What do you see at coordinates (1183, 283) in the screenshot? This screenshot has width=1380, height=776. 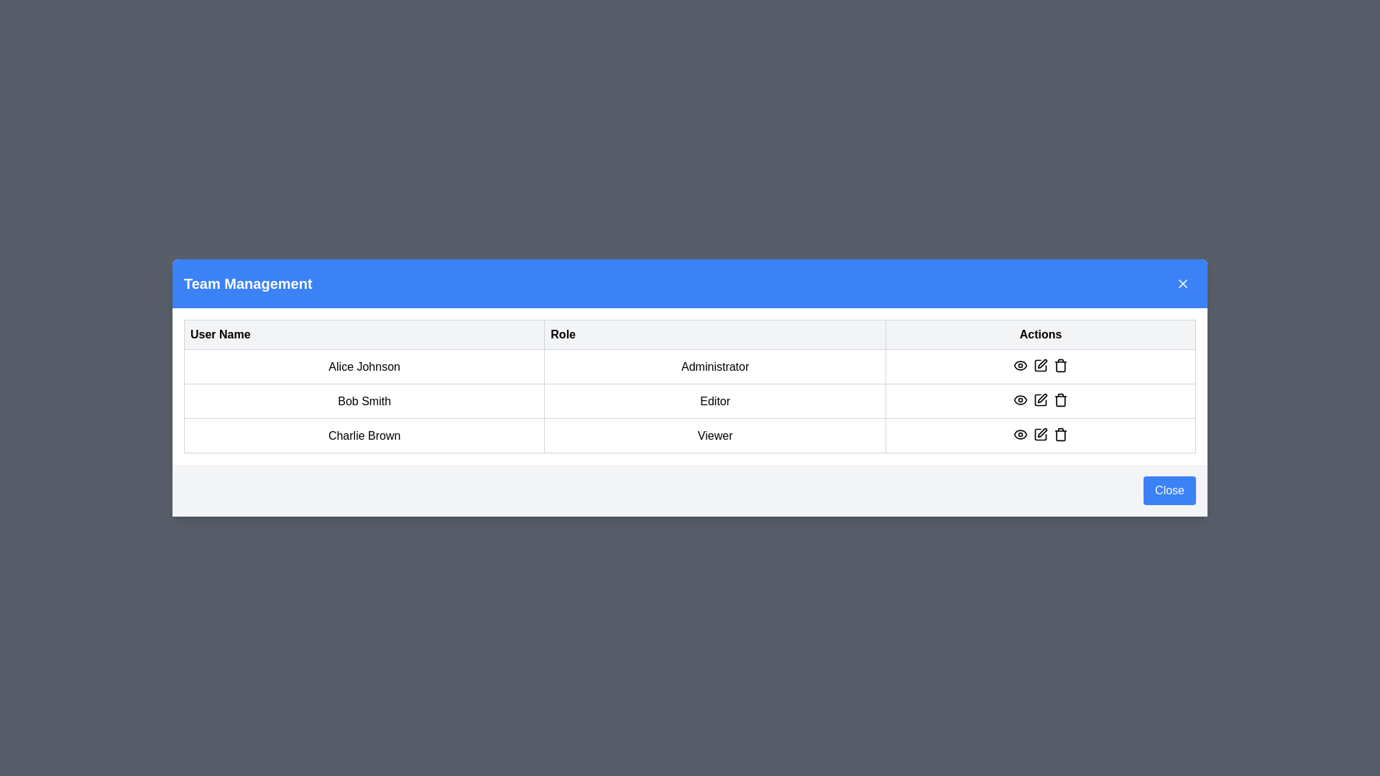 I see `the small 'X' icon located at the top-right corner of the blue header section of the modal` at bounding box center [1183, 283].